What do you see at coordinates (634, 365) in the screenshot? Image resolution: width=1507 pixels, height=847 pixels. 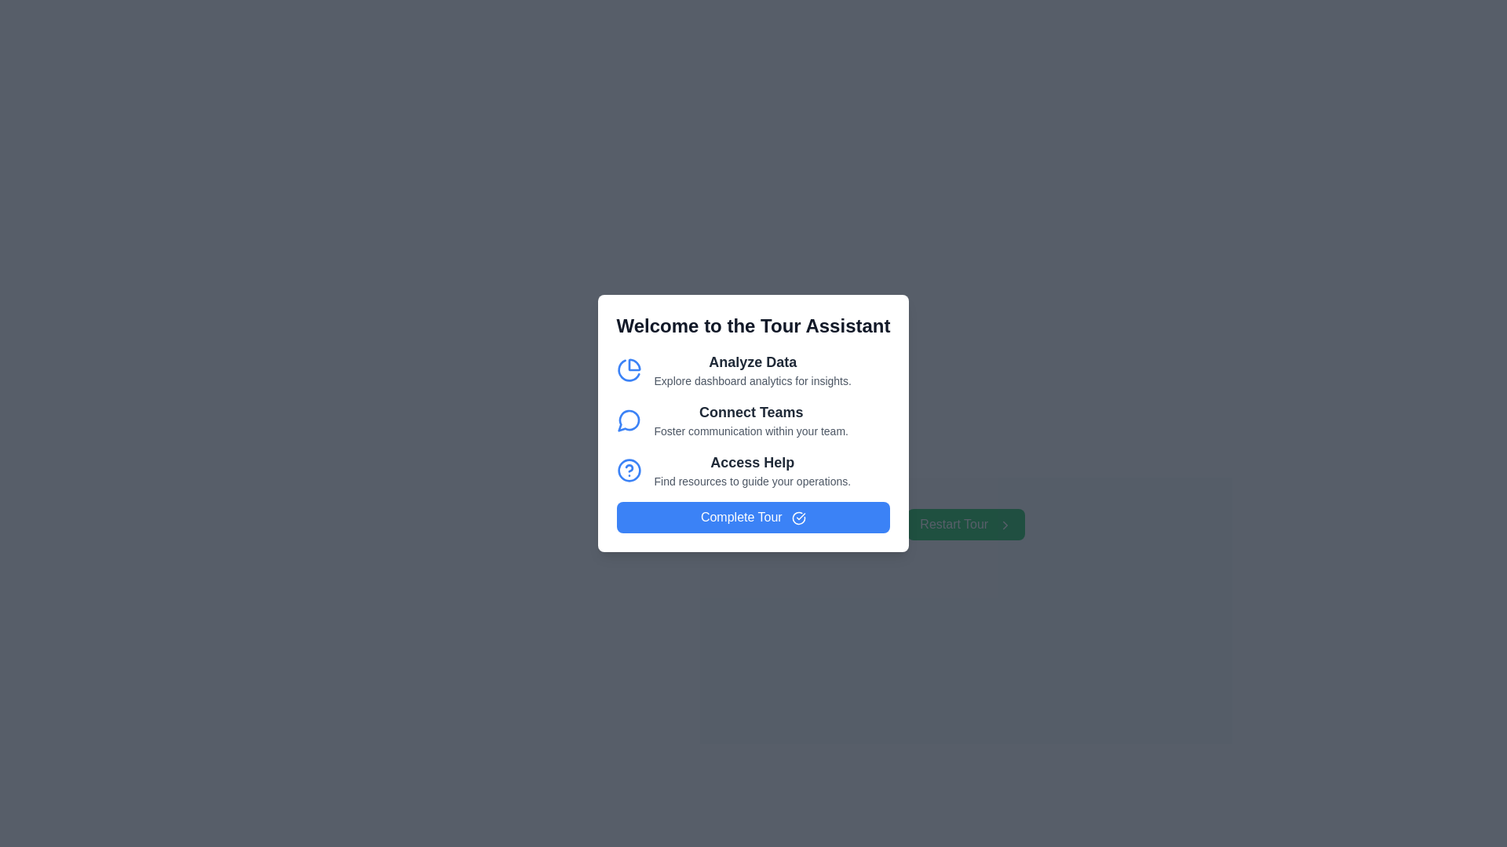 I see `the pie chart icon segment that represents a slice, located to the left of the 'Analyze Data' text in the modal interface` at bounding box center [634, 365].